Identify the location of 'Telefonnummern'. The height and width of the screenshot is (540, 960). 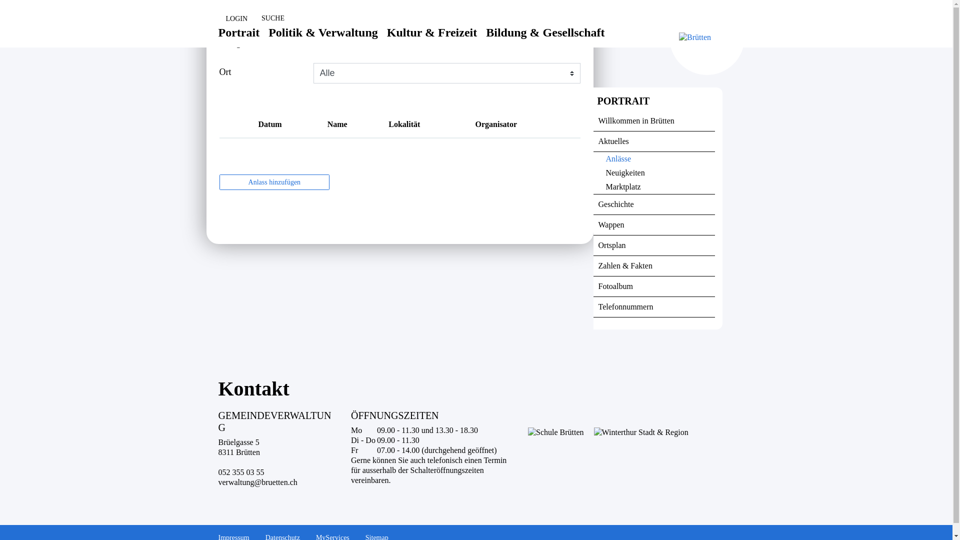
(653, 306).